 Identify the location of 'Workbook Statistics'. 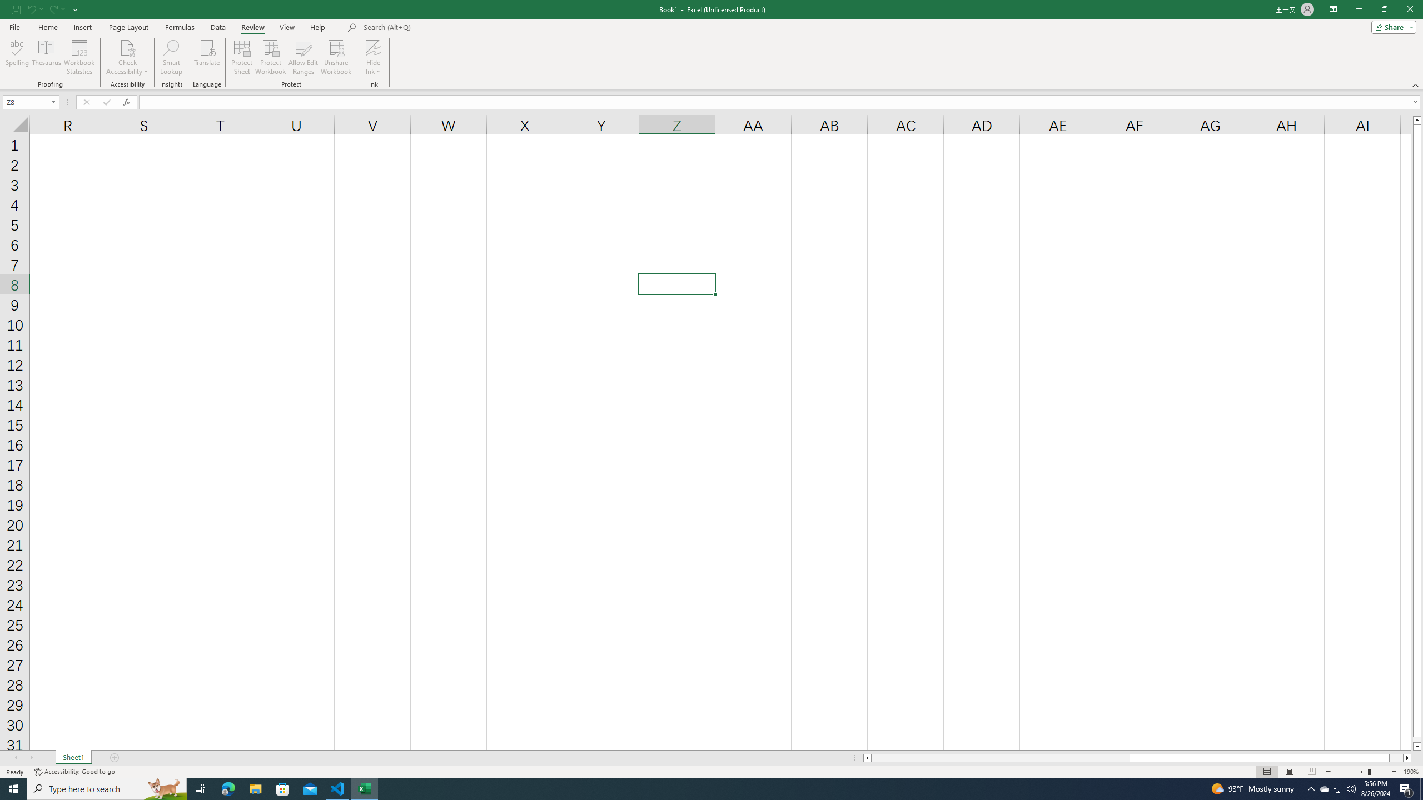
(79, 57).